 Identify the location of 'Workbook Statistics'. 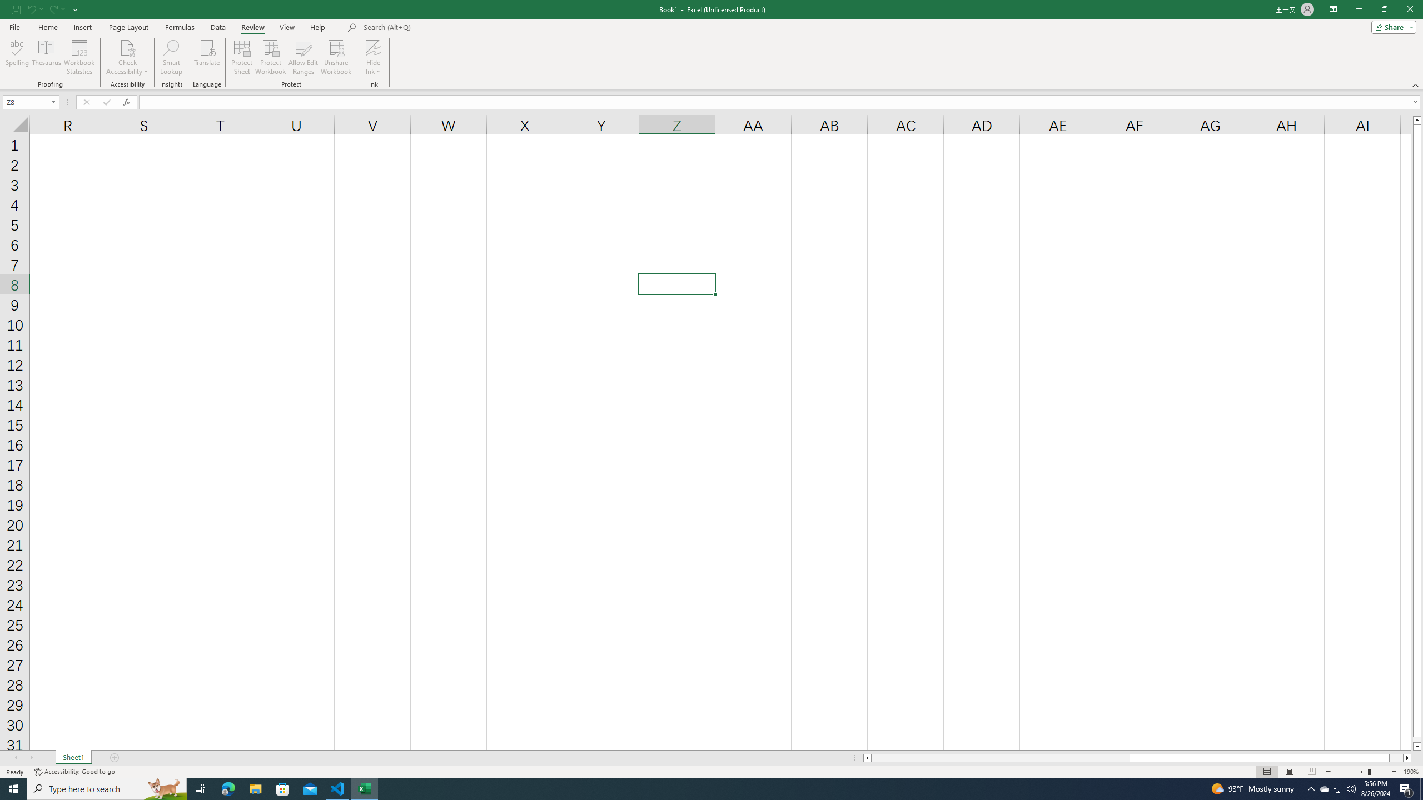
(79, 57).